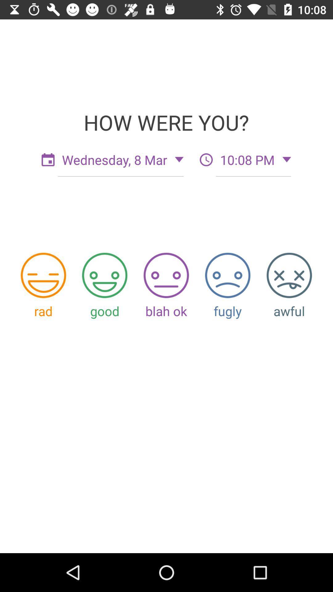 The image size is (333, 592). What do you see at coordinates (104, 275) in the screenshot?
I see `mark as good` at bounding box center [104, 275].